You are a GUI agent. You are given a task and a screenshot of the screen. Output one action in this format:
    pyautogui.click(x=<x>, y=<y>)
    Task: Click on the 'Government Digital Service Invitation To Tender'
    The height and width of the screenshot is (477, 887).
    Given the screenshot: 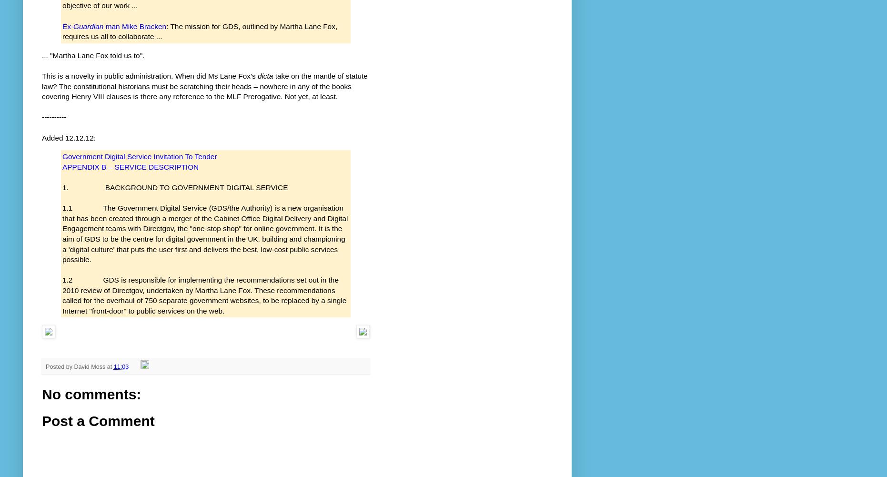 What is the action you would take?
    pyautogui.click(x=139, y=156)
    